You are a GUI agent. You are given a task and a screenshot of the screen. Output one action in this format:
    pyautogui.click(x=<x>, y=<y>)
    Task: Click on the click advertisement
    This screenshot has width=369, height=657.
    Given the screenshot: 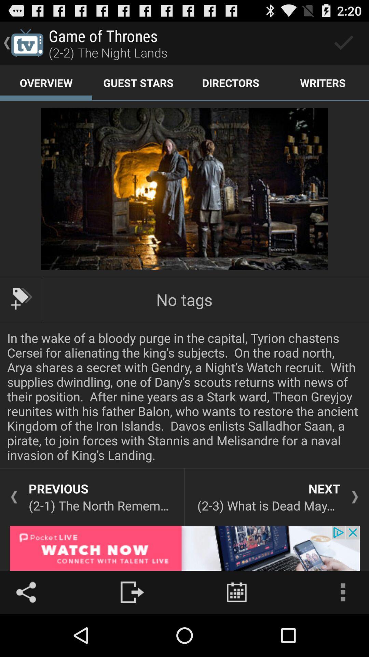 What is the action you would take?
    pyautogui.click(x=184, y=548)
    